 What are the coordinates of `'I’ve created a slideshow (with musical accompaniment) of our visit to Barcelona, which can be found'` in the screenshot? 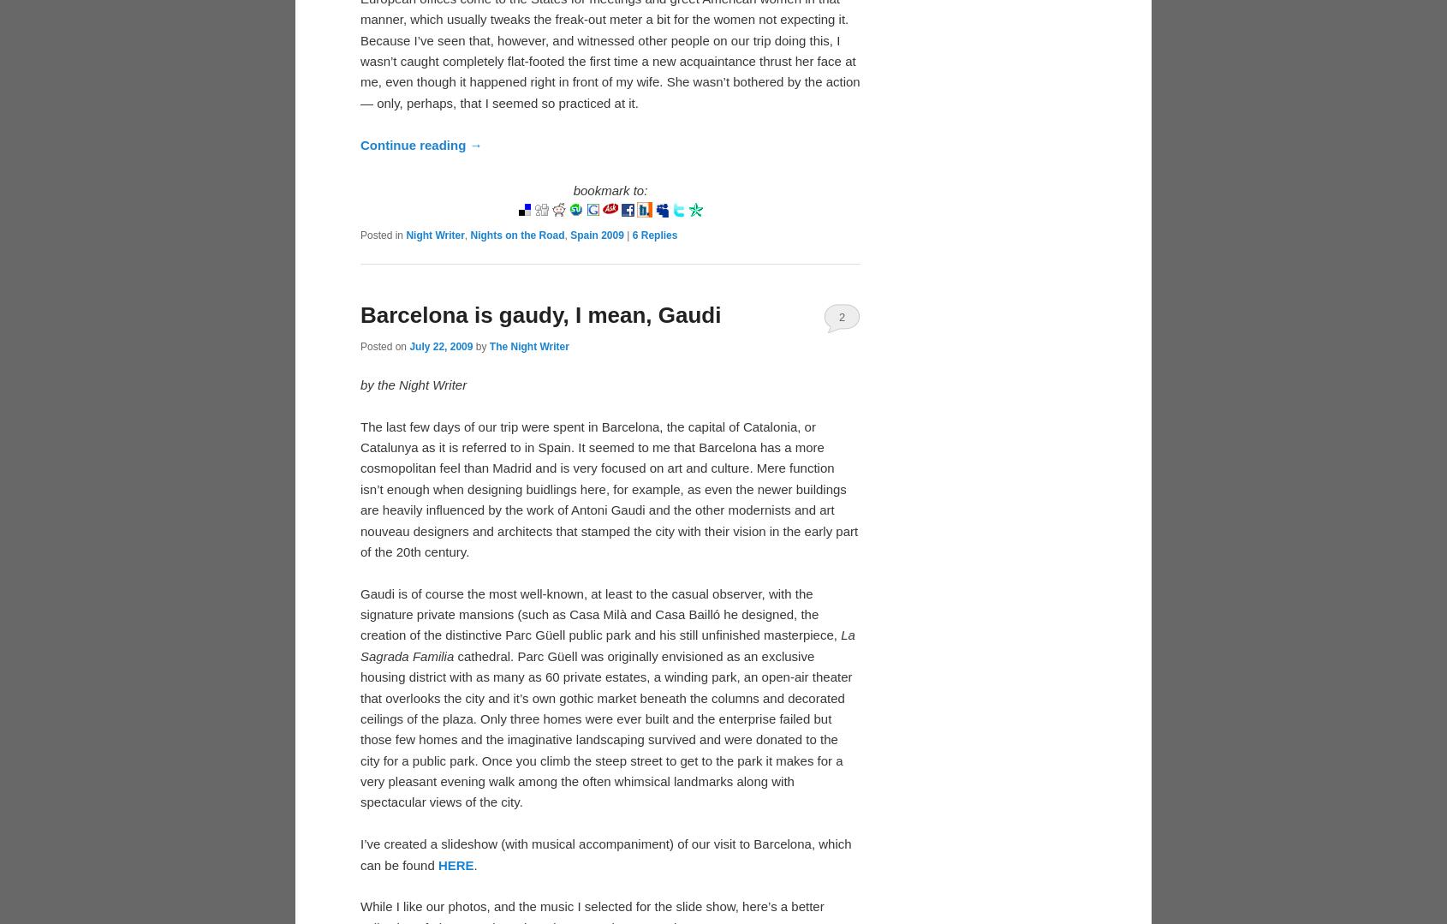 It's located at (604, 854).